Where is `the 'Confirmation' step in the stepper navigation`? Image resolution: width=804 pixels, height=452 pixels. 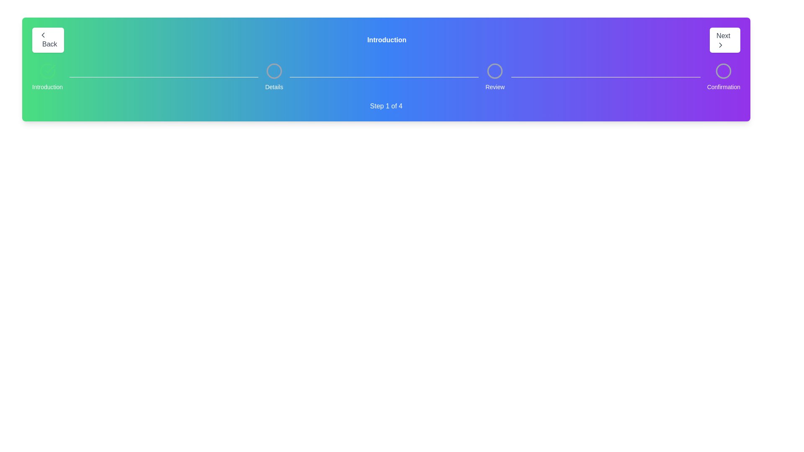 the 'Confirmation' step in the stepper navigation is located at coordinates (723, 77).